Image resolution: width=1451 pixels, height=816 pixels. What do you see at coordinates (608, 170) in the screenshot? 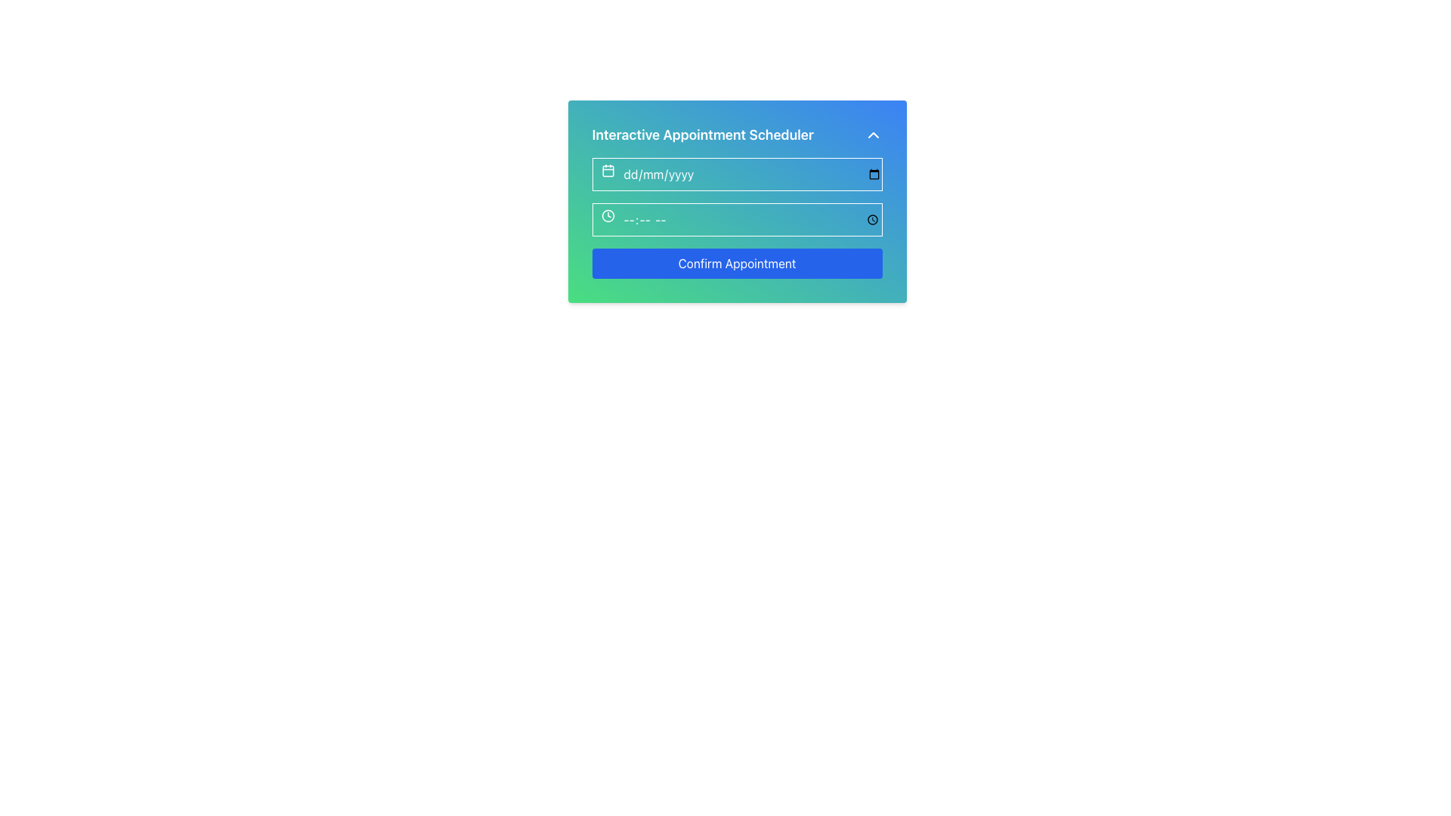
I see `the decorative calendar icon located to the left of the 'dd/mm/yyyy' date input field, which is slightly above its vertical centerline` at bounding box center [608, 170].